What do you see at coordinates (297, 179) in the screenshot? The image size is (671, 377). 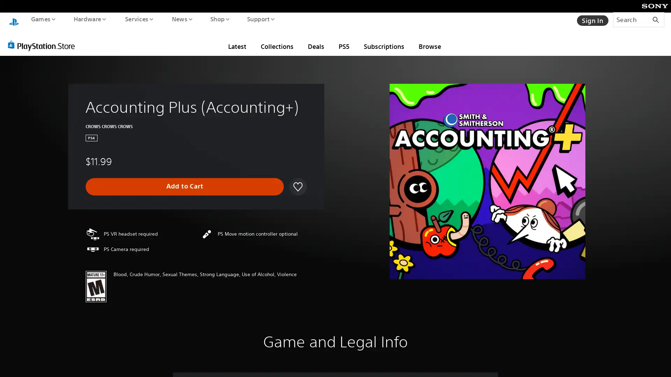 I see `Add to Wishlist` at bounding box center [297, 179].